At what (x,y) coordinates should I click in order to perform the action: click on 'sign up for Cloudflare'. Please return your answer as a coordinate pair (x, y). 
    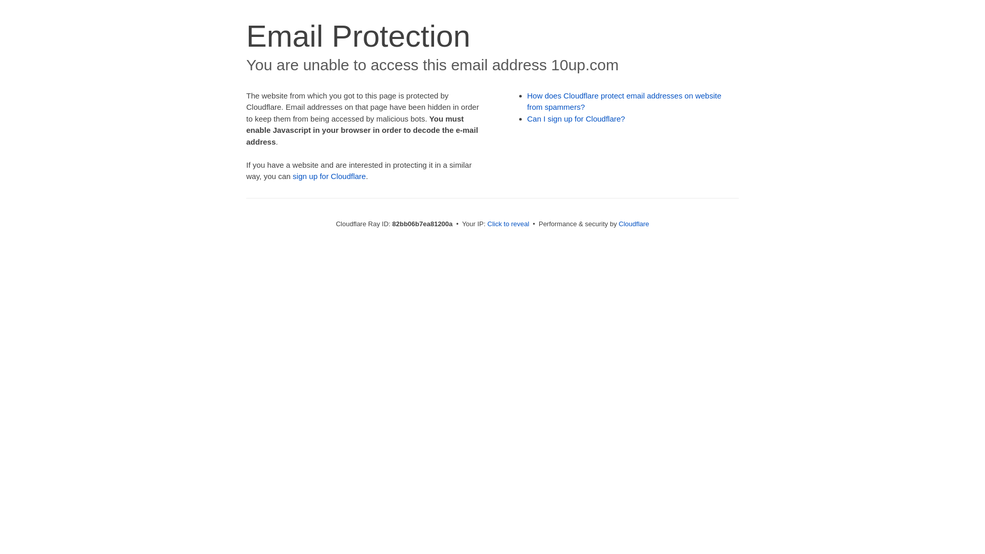
    Looking at the image, I should click on (329, 175).